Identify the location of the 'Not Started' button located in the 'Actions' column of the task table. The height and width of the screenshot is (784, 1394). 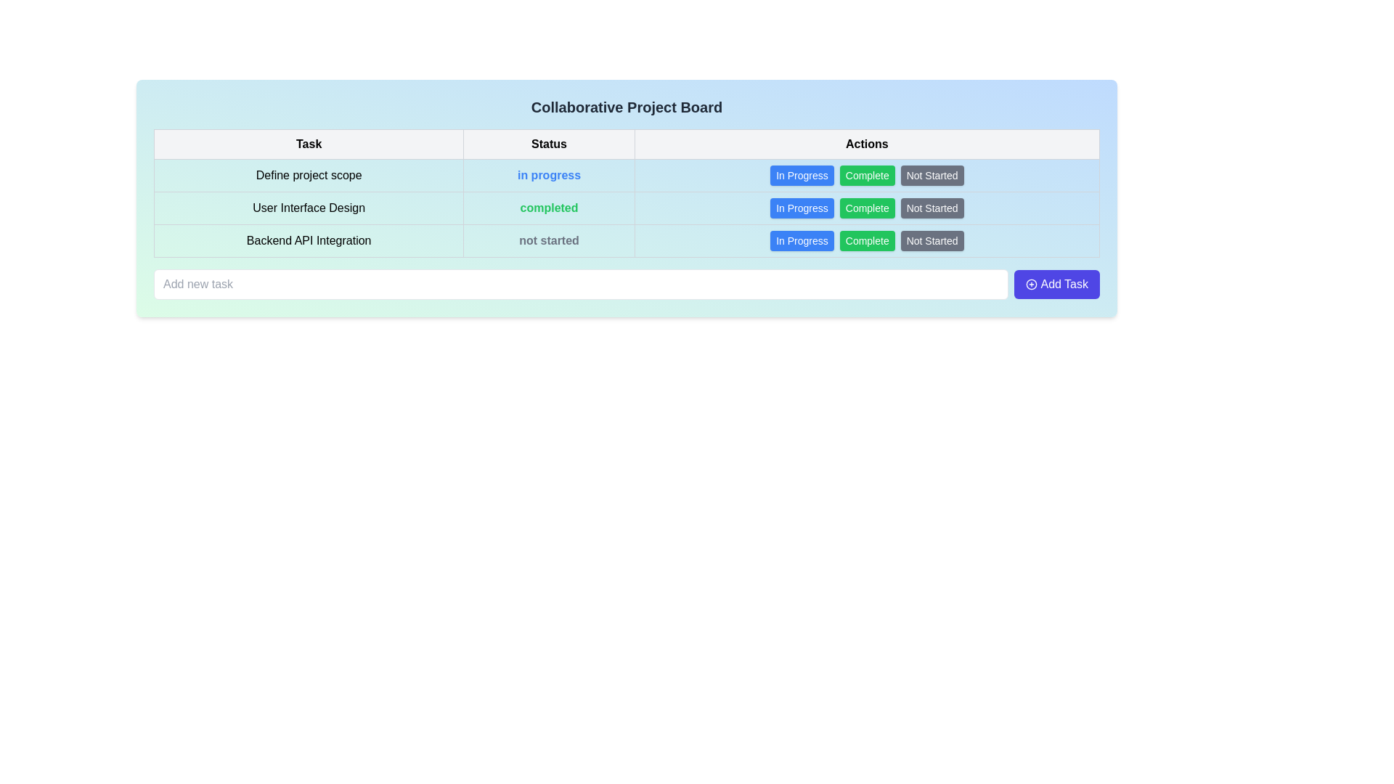
(932, 175).